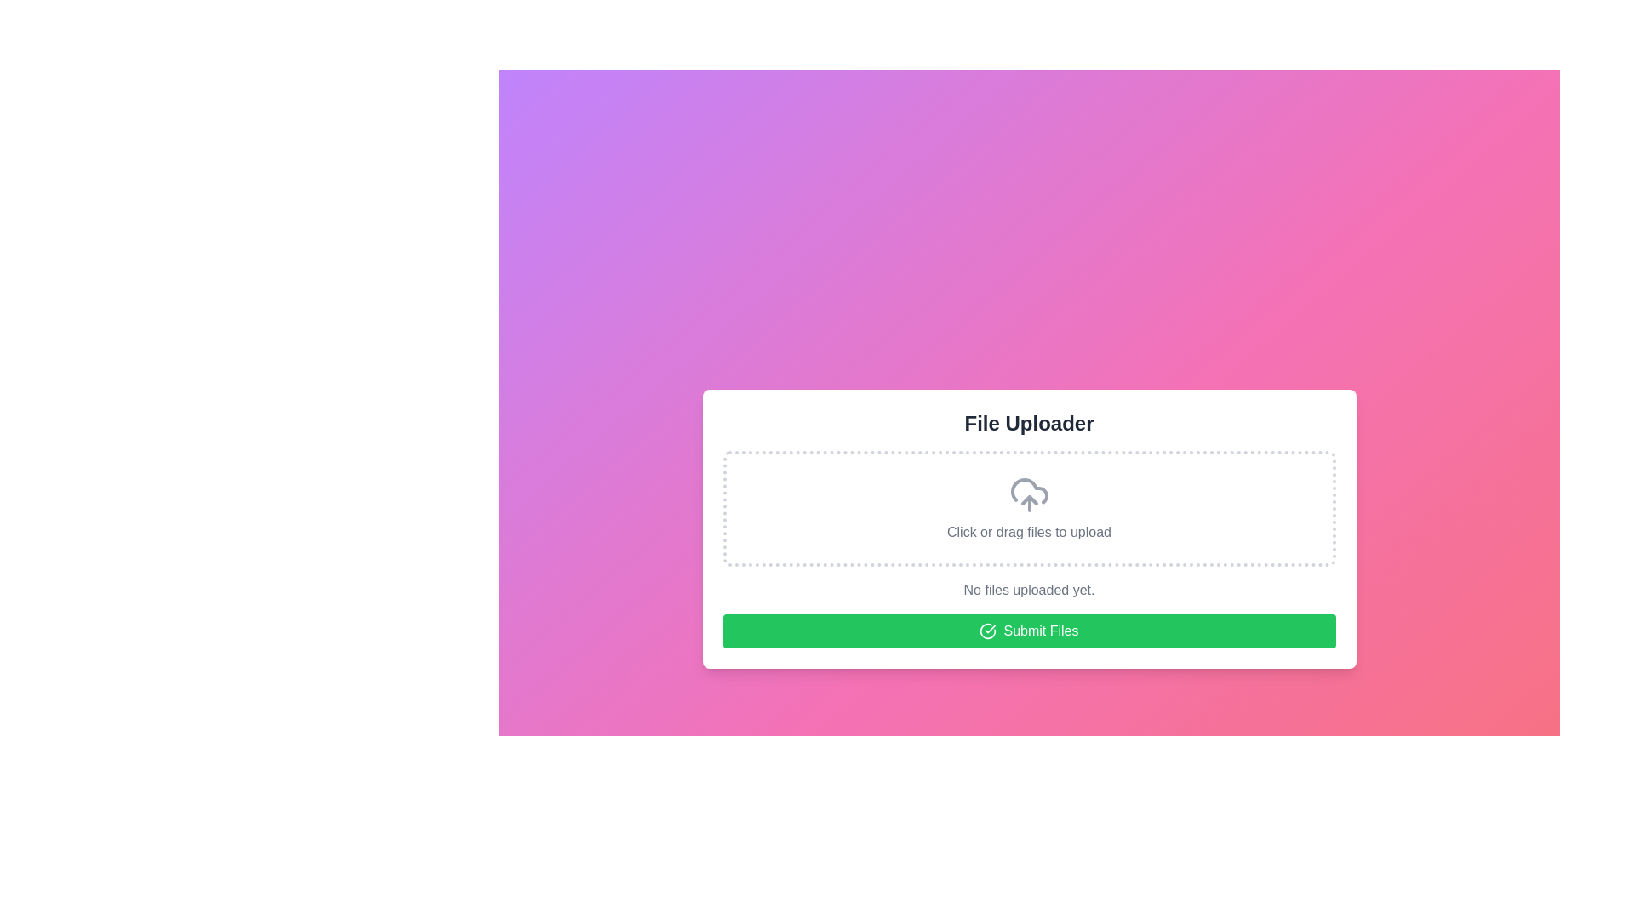 This screenshot has height=919, width=1634. What do you see at coordinates (1028, 590) in the screenshot?
I see `the text label that reads 'No files uploaded yet.' styled in gray, which is located above the green 'Submit Files' button in the file uploader component` at bounding box center [1028, 590].